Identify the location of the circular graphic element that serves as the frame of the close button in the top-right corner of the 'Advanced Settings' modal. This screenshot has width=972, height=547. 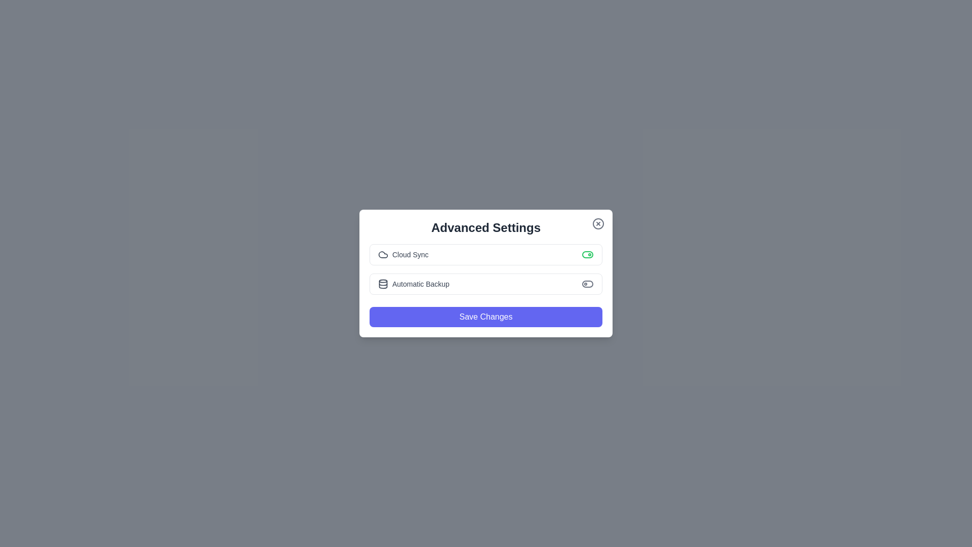
(598, 223).